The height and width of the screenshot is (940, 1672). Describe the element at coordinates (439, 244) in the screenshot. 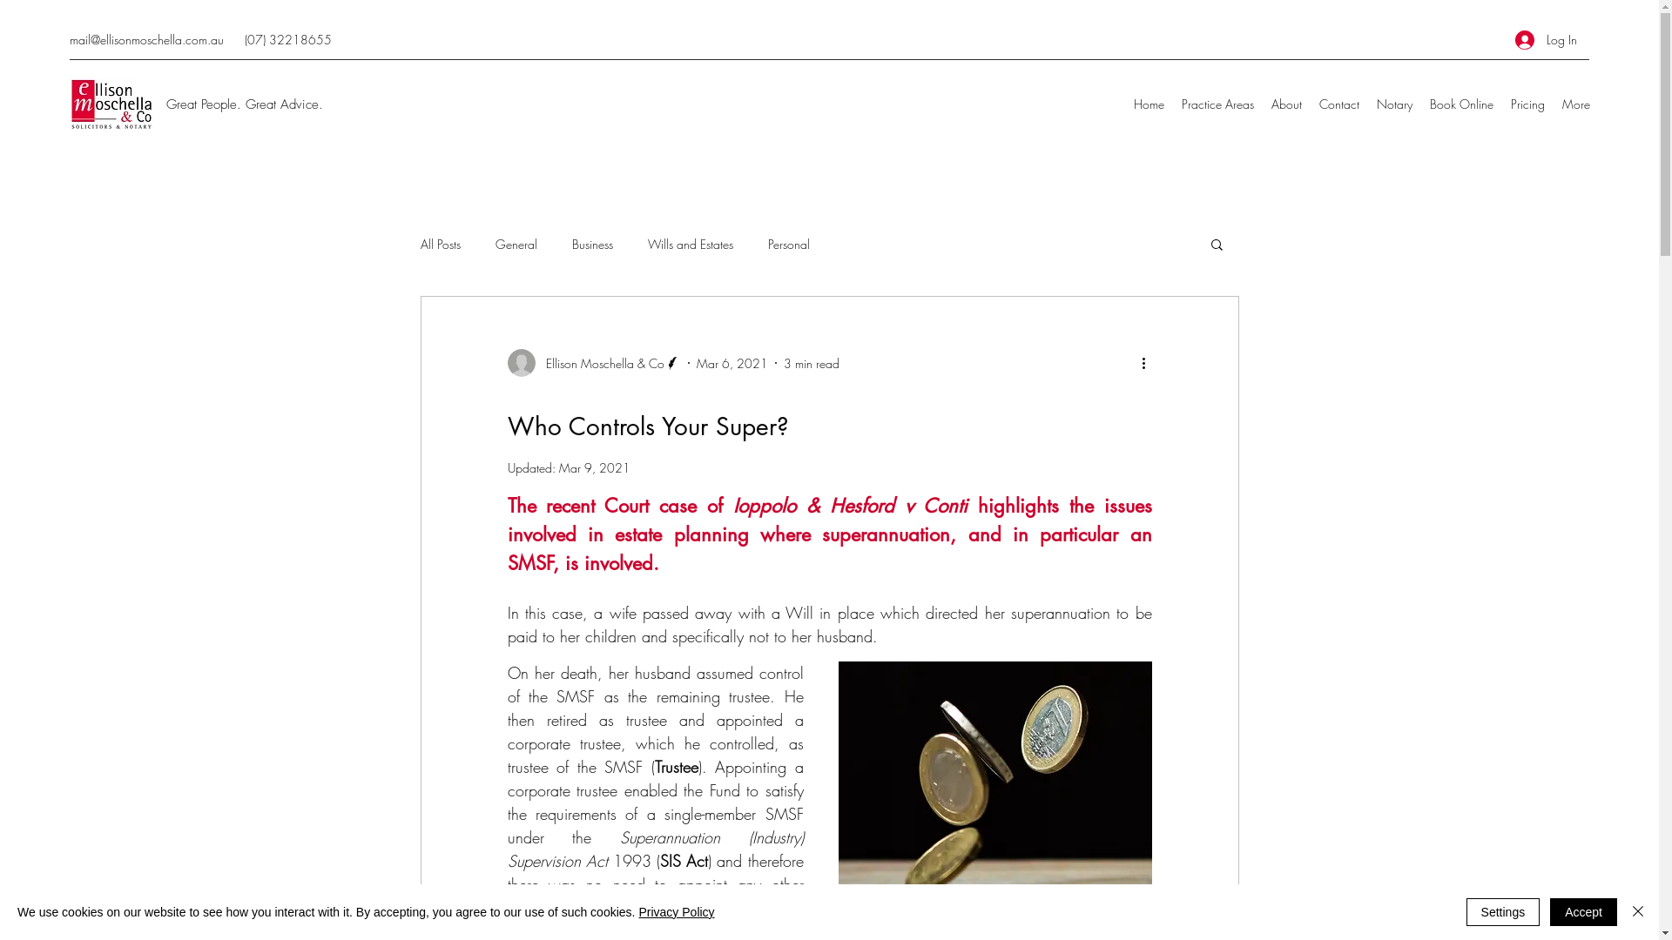

I see `'All Posts'` at that location.